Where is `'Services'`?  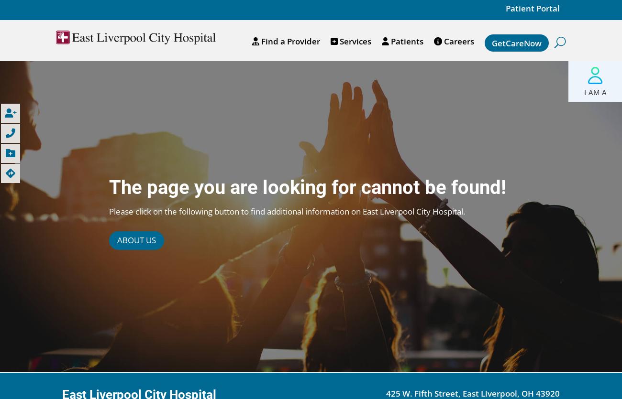 'Services' is located at coordinates (354, 40).